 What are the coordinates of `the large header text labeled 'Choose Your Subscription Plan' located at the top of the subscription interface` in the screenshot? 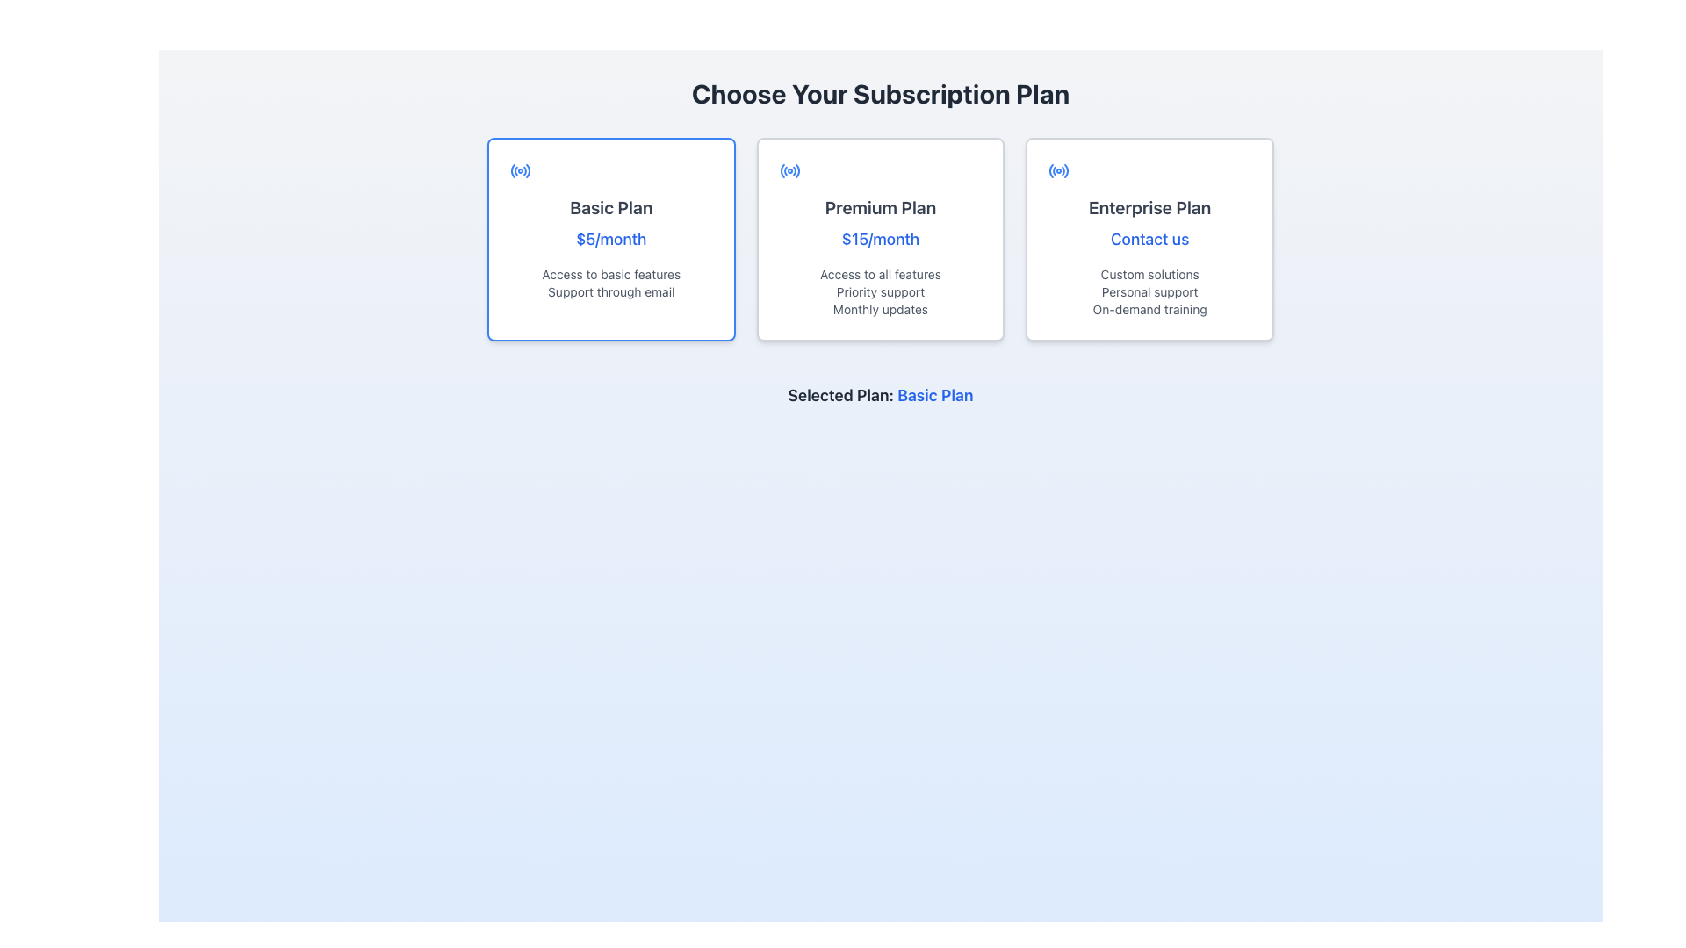 It's located at (881, 94).